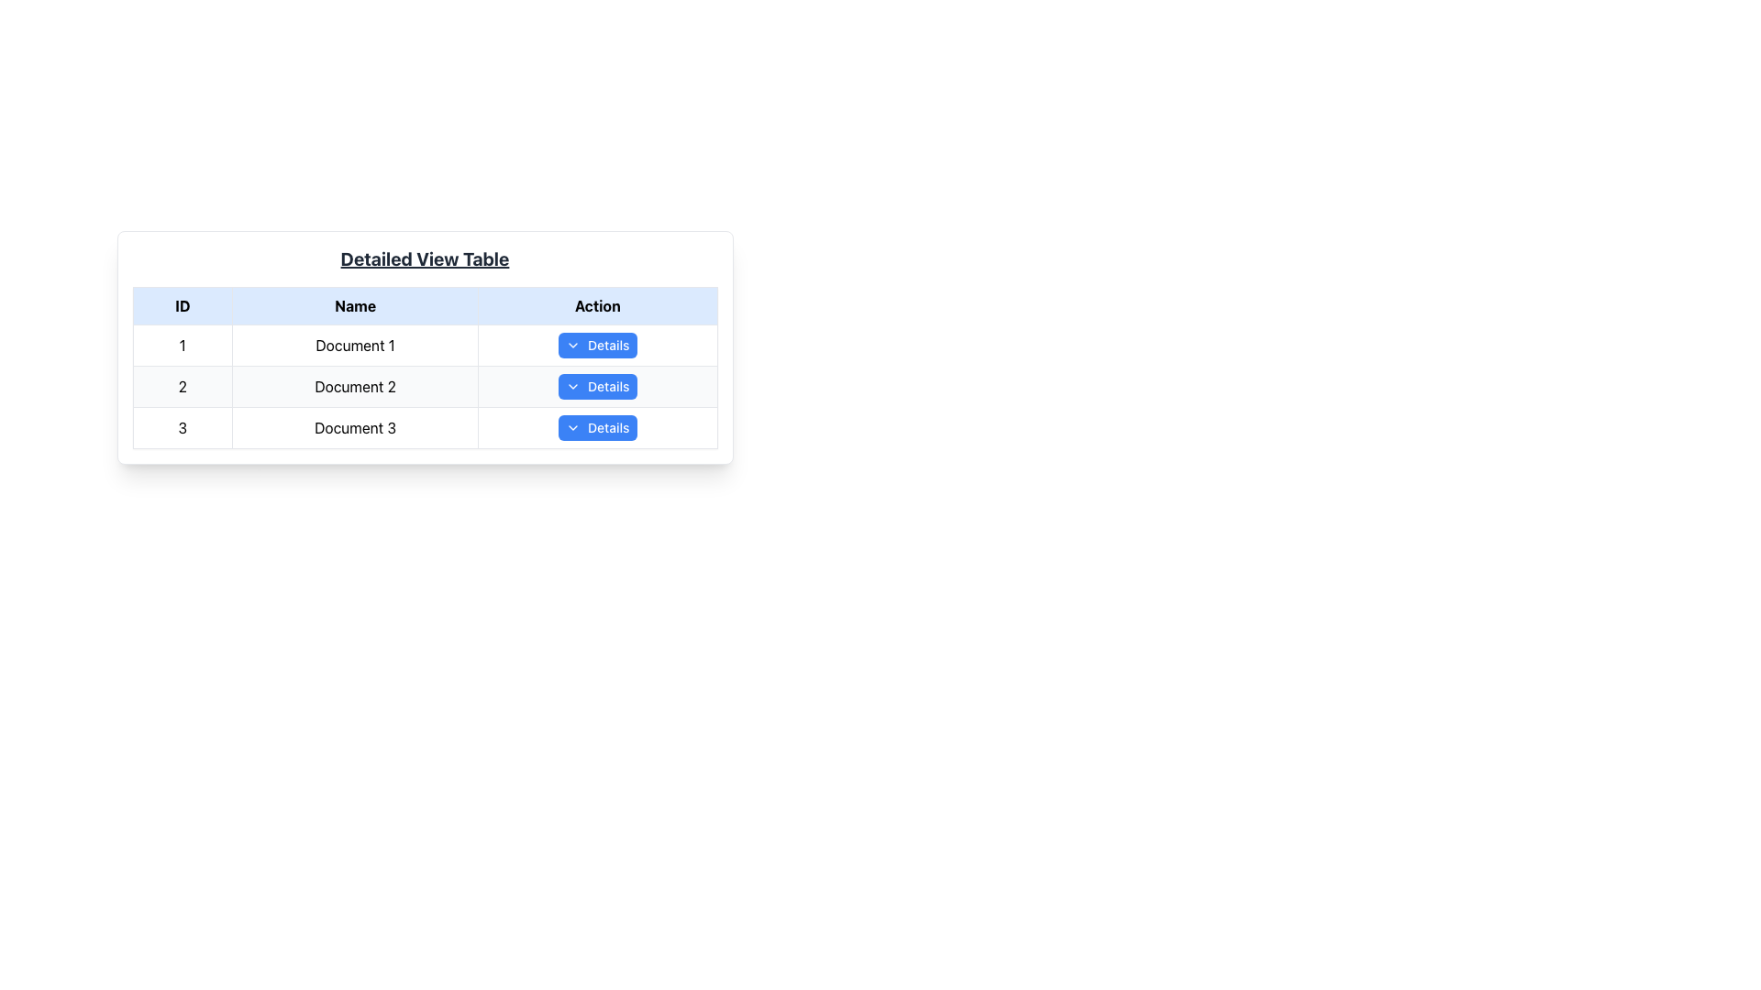  What do you see at coordinates (424, 385) in the screenshot?
I see `the second row of the document table that contains ID '2', Name 'Document 2', and an Action 'Details' button` at bounding box center [424, 385].